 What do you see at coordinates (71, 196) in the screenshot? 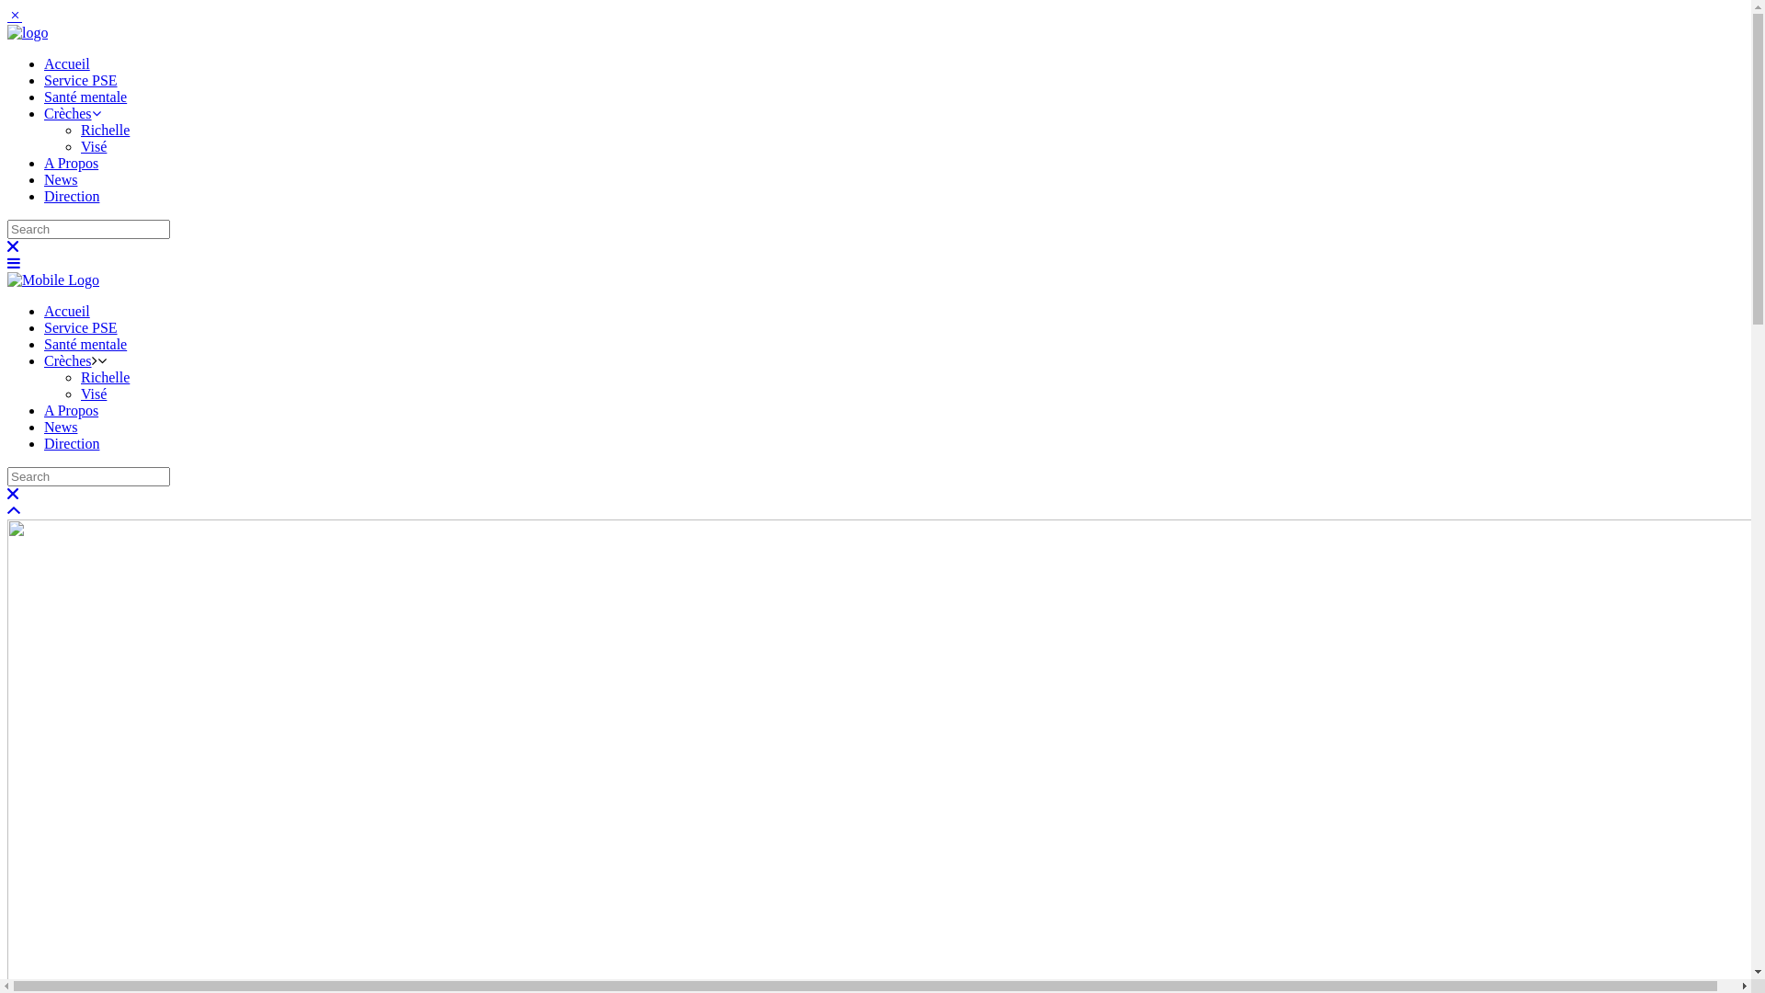
I see `'Direction'` at bounding box center [71, 196].